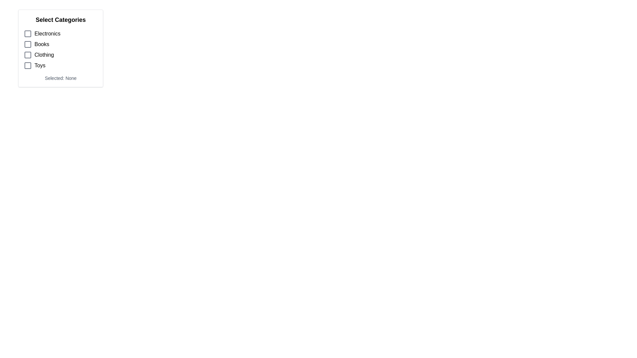 The width and height of the screenshot is (637, 358). I want to click on the checkbox for the 'Toys' category located in the fourth row under 'Select Categories', so click(27, 65).